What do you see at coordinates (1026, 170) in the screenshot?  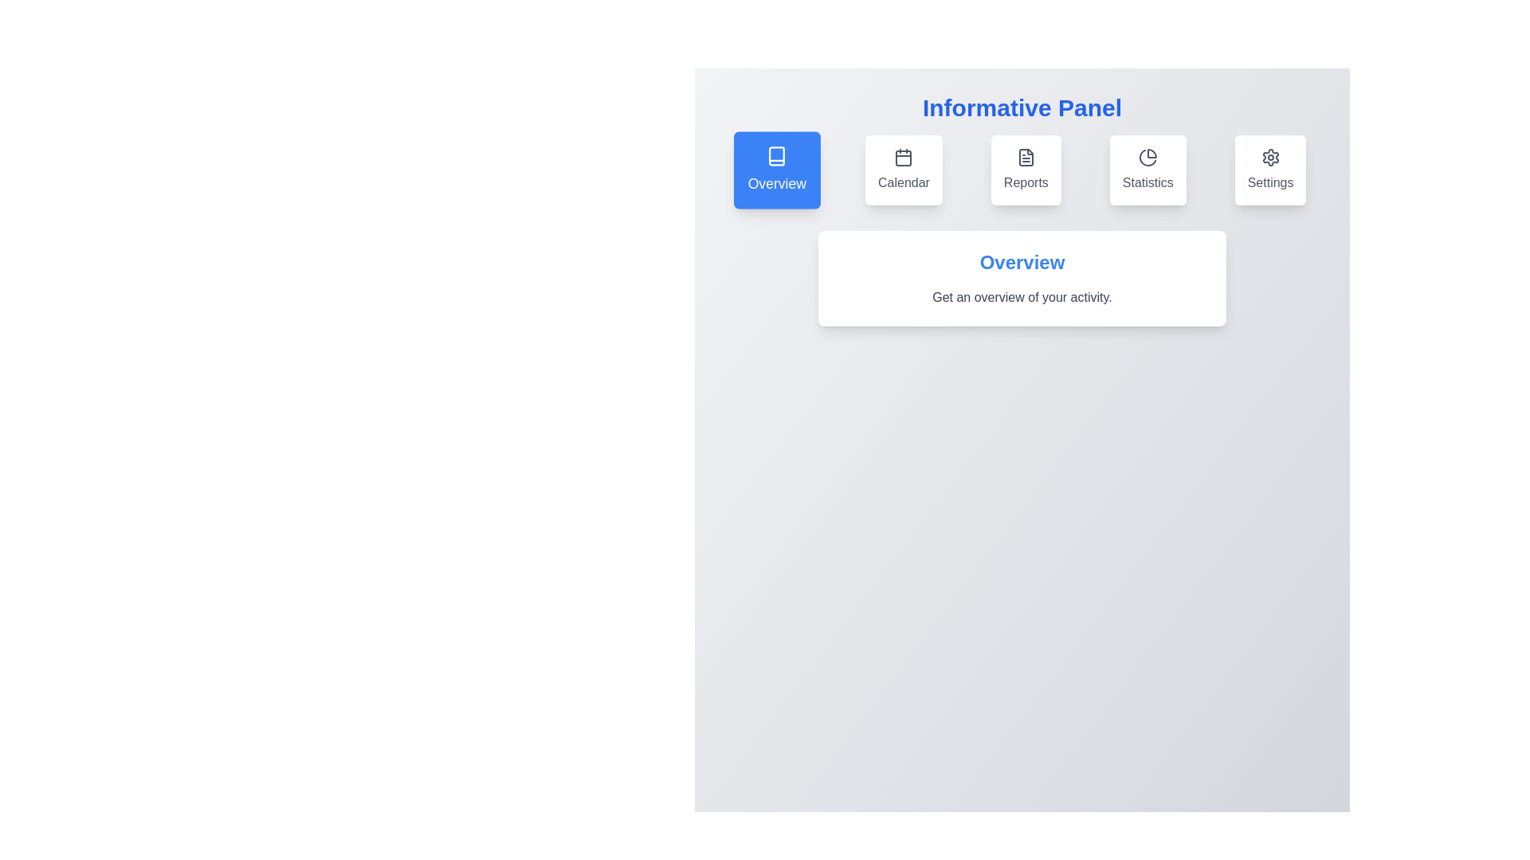 I see `the 'Reports' navigation button located between 'Calendar' and 'Statistics' for accessibility purposes` at bounding box center [1026, 170].